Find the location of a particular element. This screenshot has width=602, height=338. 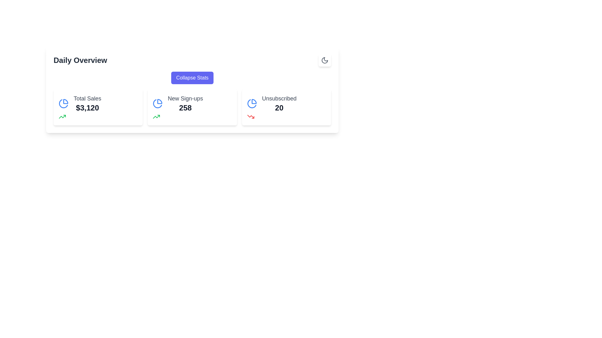

the text label that displays 'Unsubscribed', which is styled with a medium font weight in gray, located in the bottom row of the rightmost card is located at coordinates (279, 99).